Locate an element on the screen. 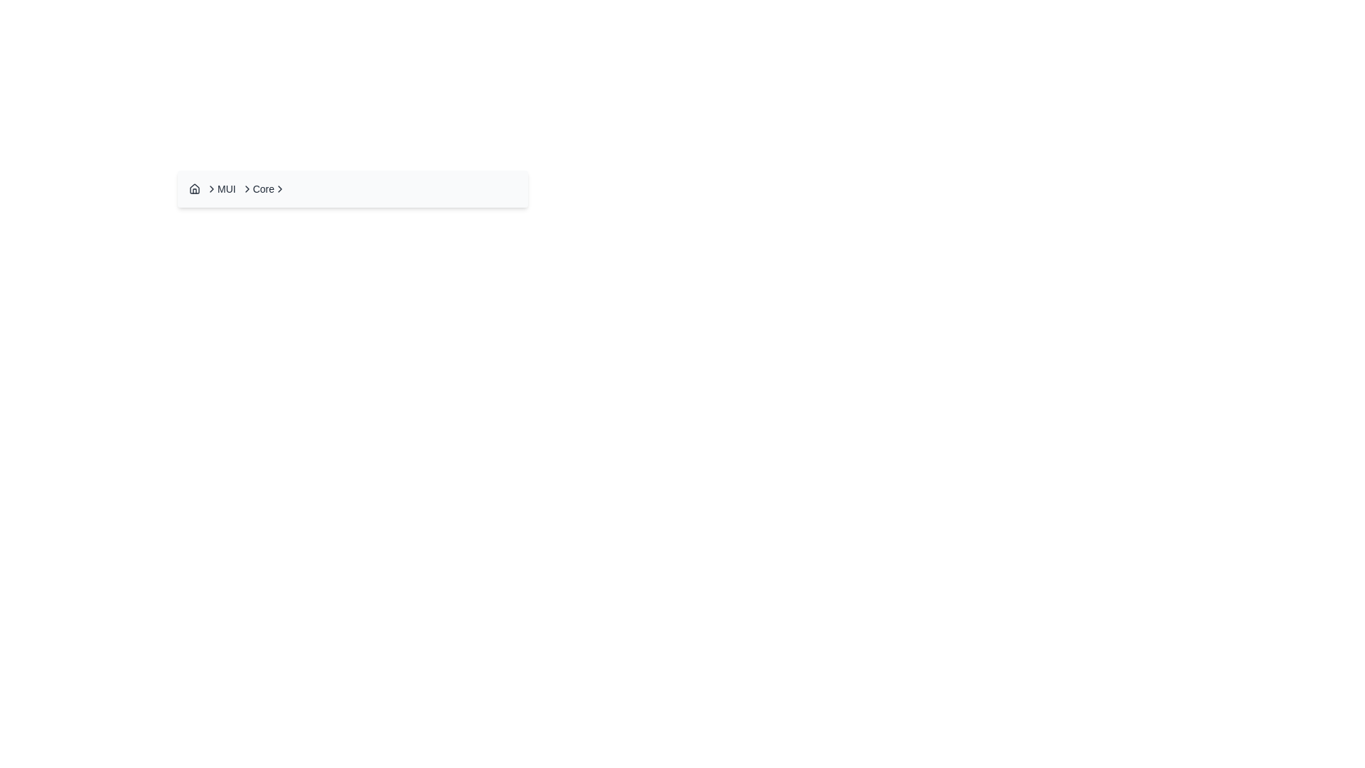  the third breadcrumb item in the navigation is located at coordinates (353, 188).